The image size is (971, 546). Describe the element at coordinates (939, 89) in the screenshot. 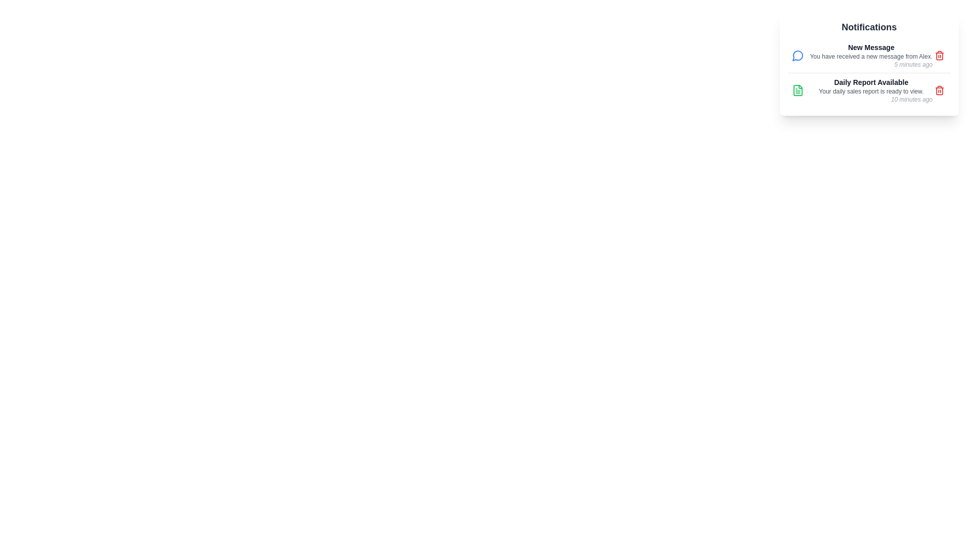

I see `delete button for the notification titled 'Daily Report Available'` at that location.